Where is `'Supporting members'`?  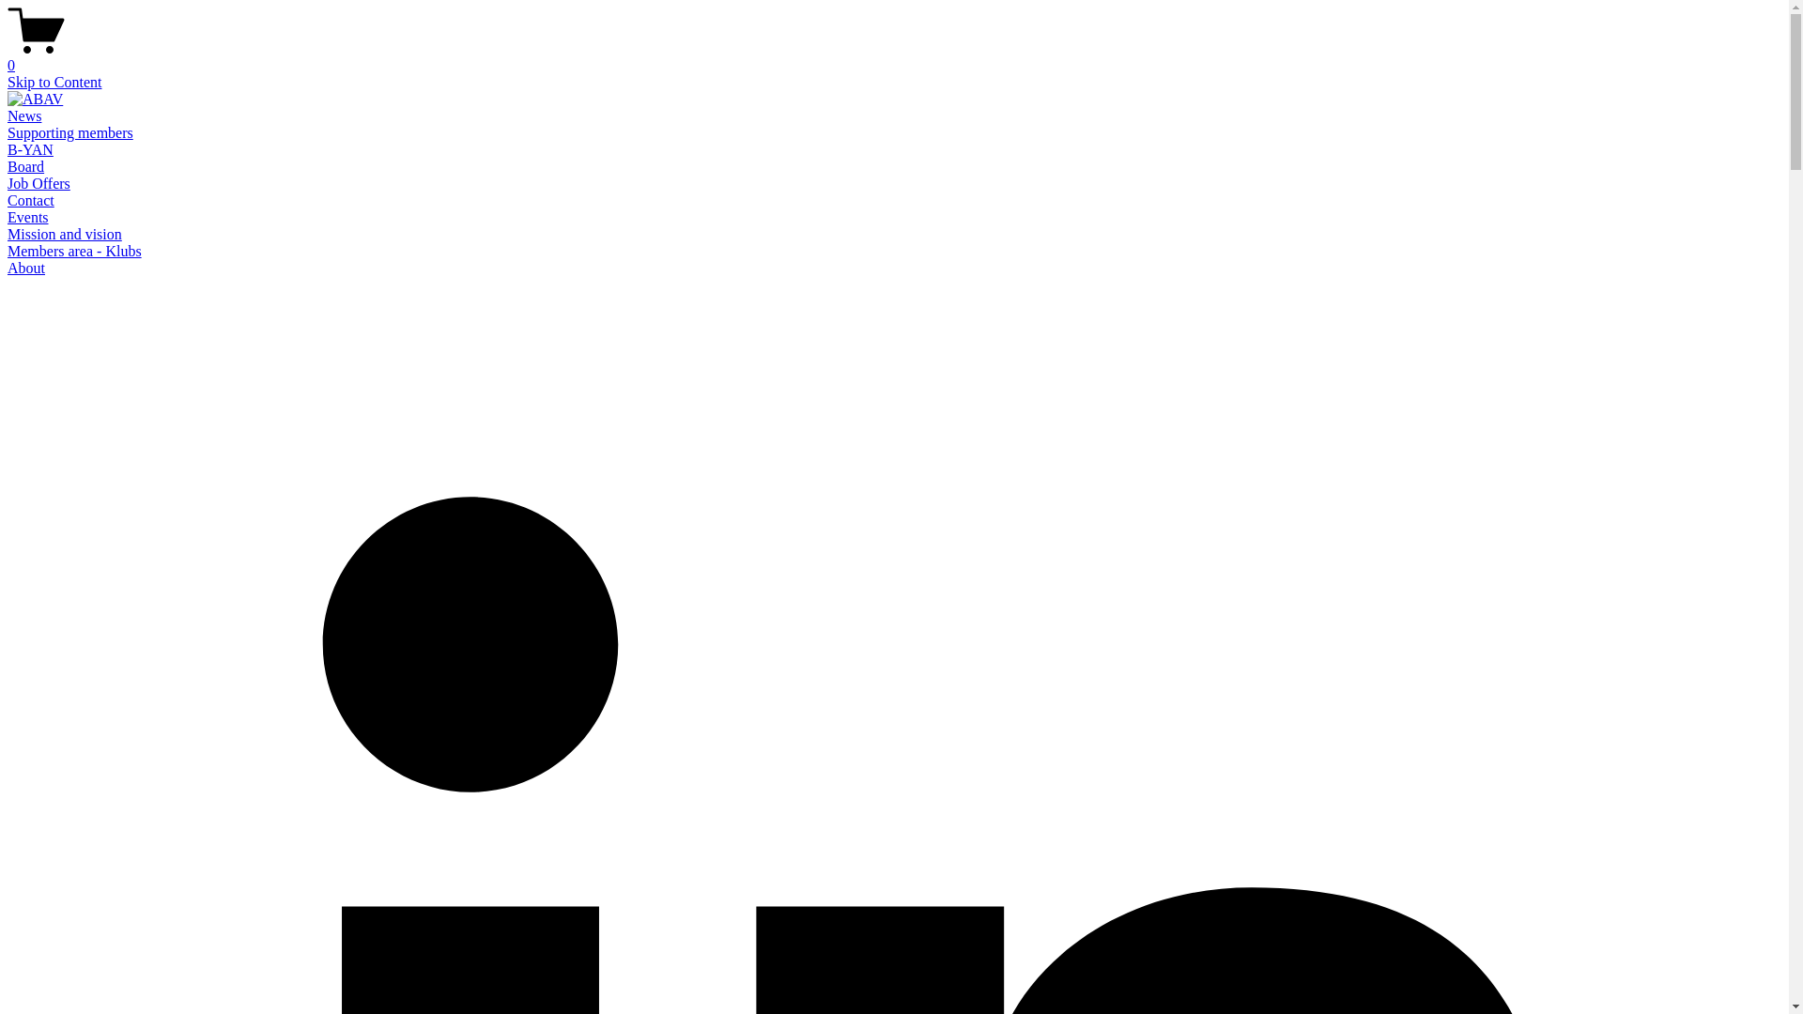
'Supporting members' is located at coordinates (70, 131).